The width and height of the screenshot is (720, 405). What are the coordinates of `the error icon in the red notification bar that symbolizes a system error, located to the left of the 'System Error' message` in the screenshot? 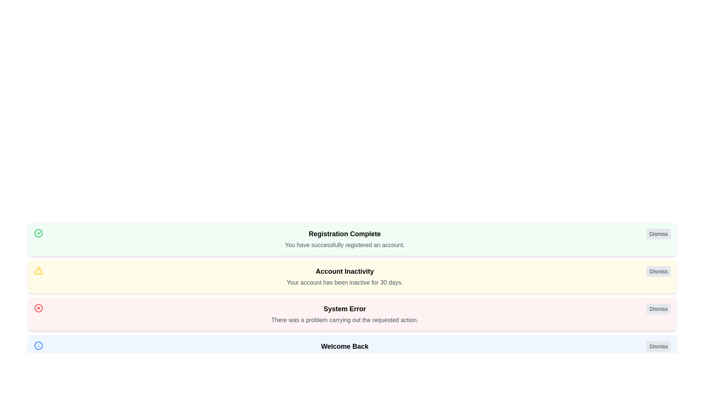 It's located at (38, 308).